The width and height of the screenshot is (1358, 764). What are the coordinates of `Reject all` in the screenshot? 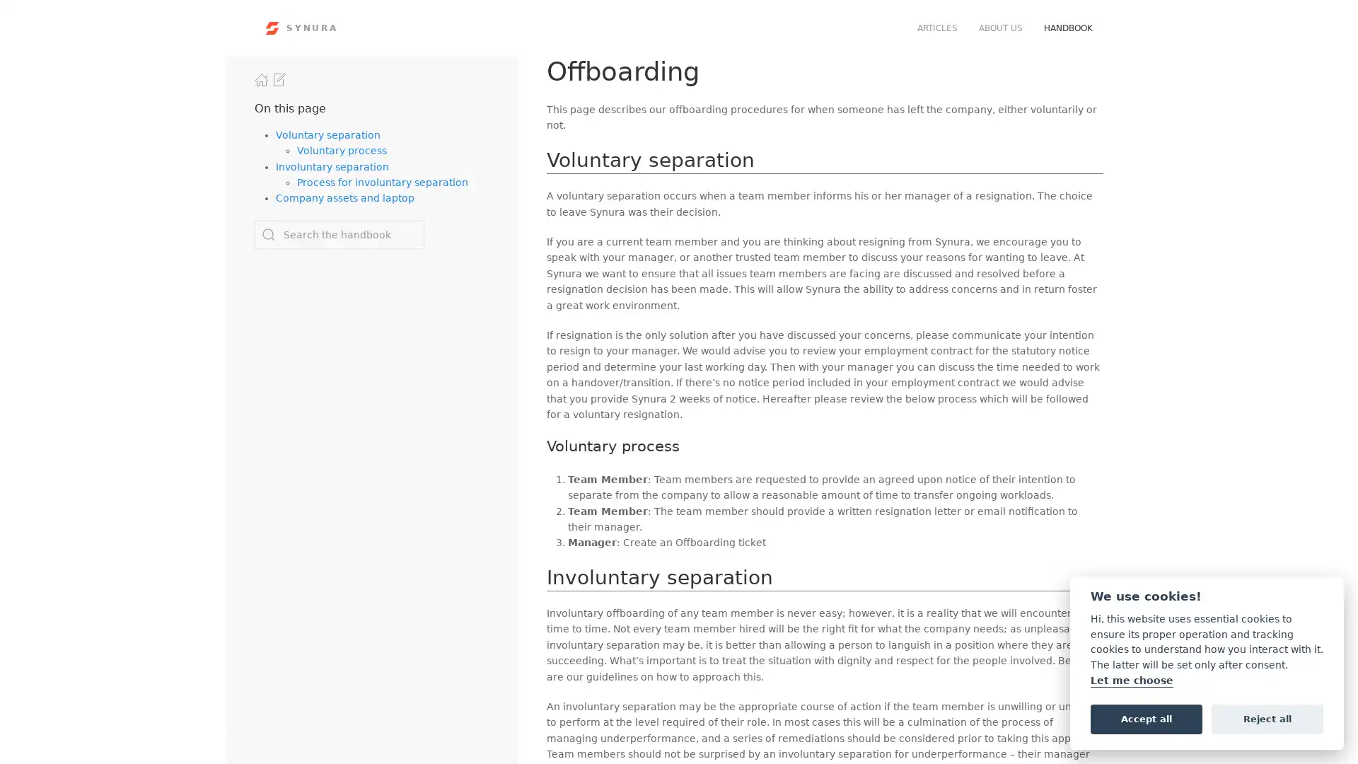 It's located at (1267, 718).